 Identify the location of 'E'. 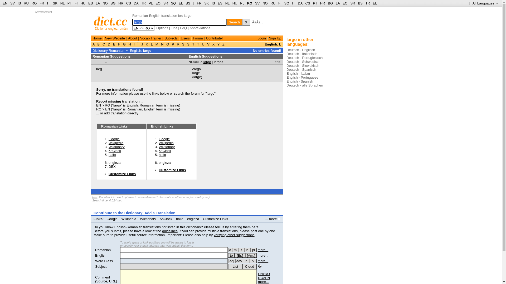
(112, 44).